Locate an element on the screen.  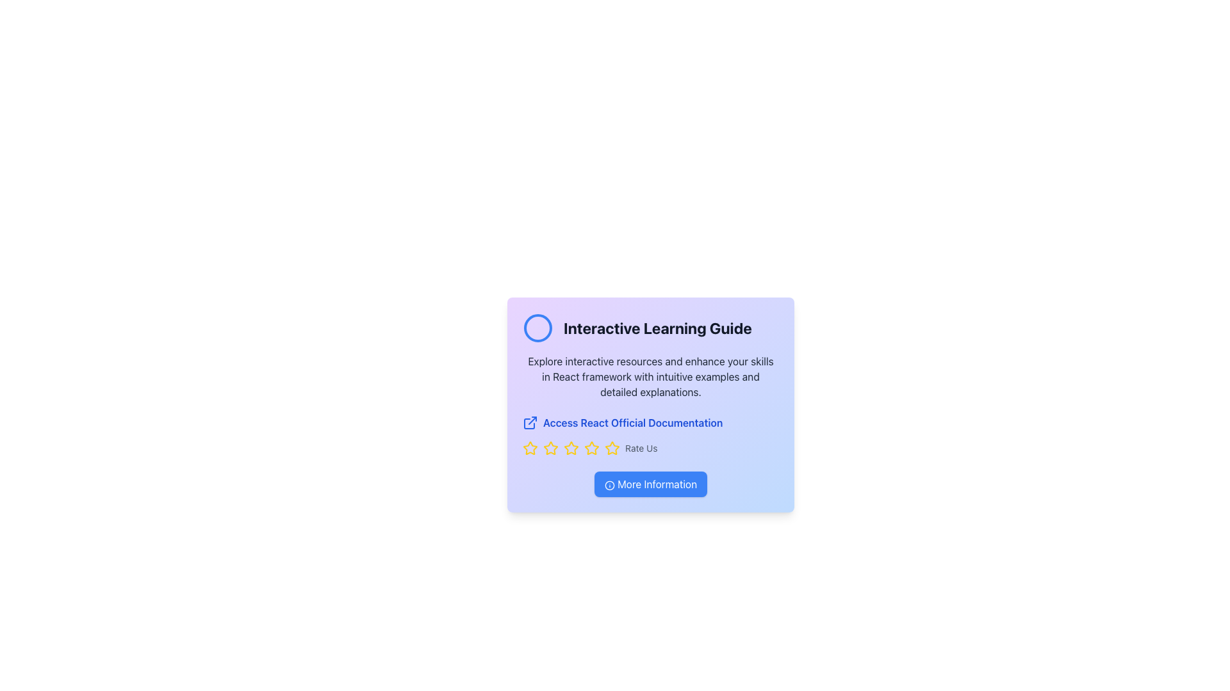
the second yellow hollow star icon used for the rating system located beneath the 'Rate Us' text is located at coordinates (550, 447).